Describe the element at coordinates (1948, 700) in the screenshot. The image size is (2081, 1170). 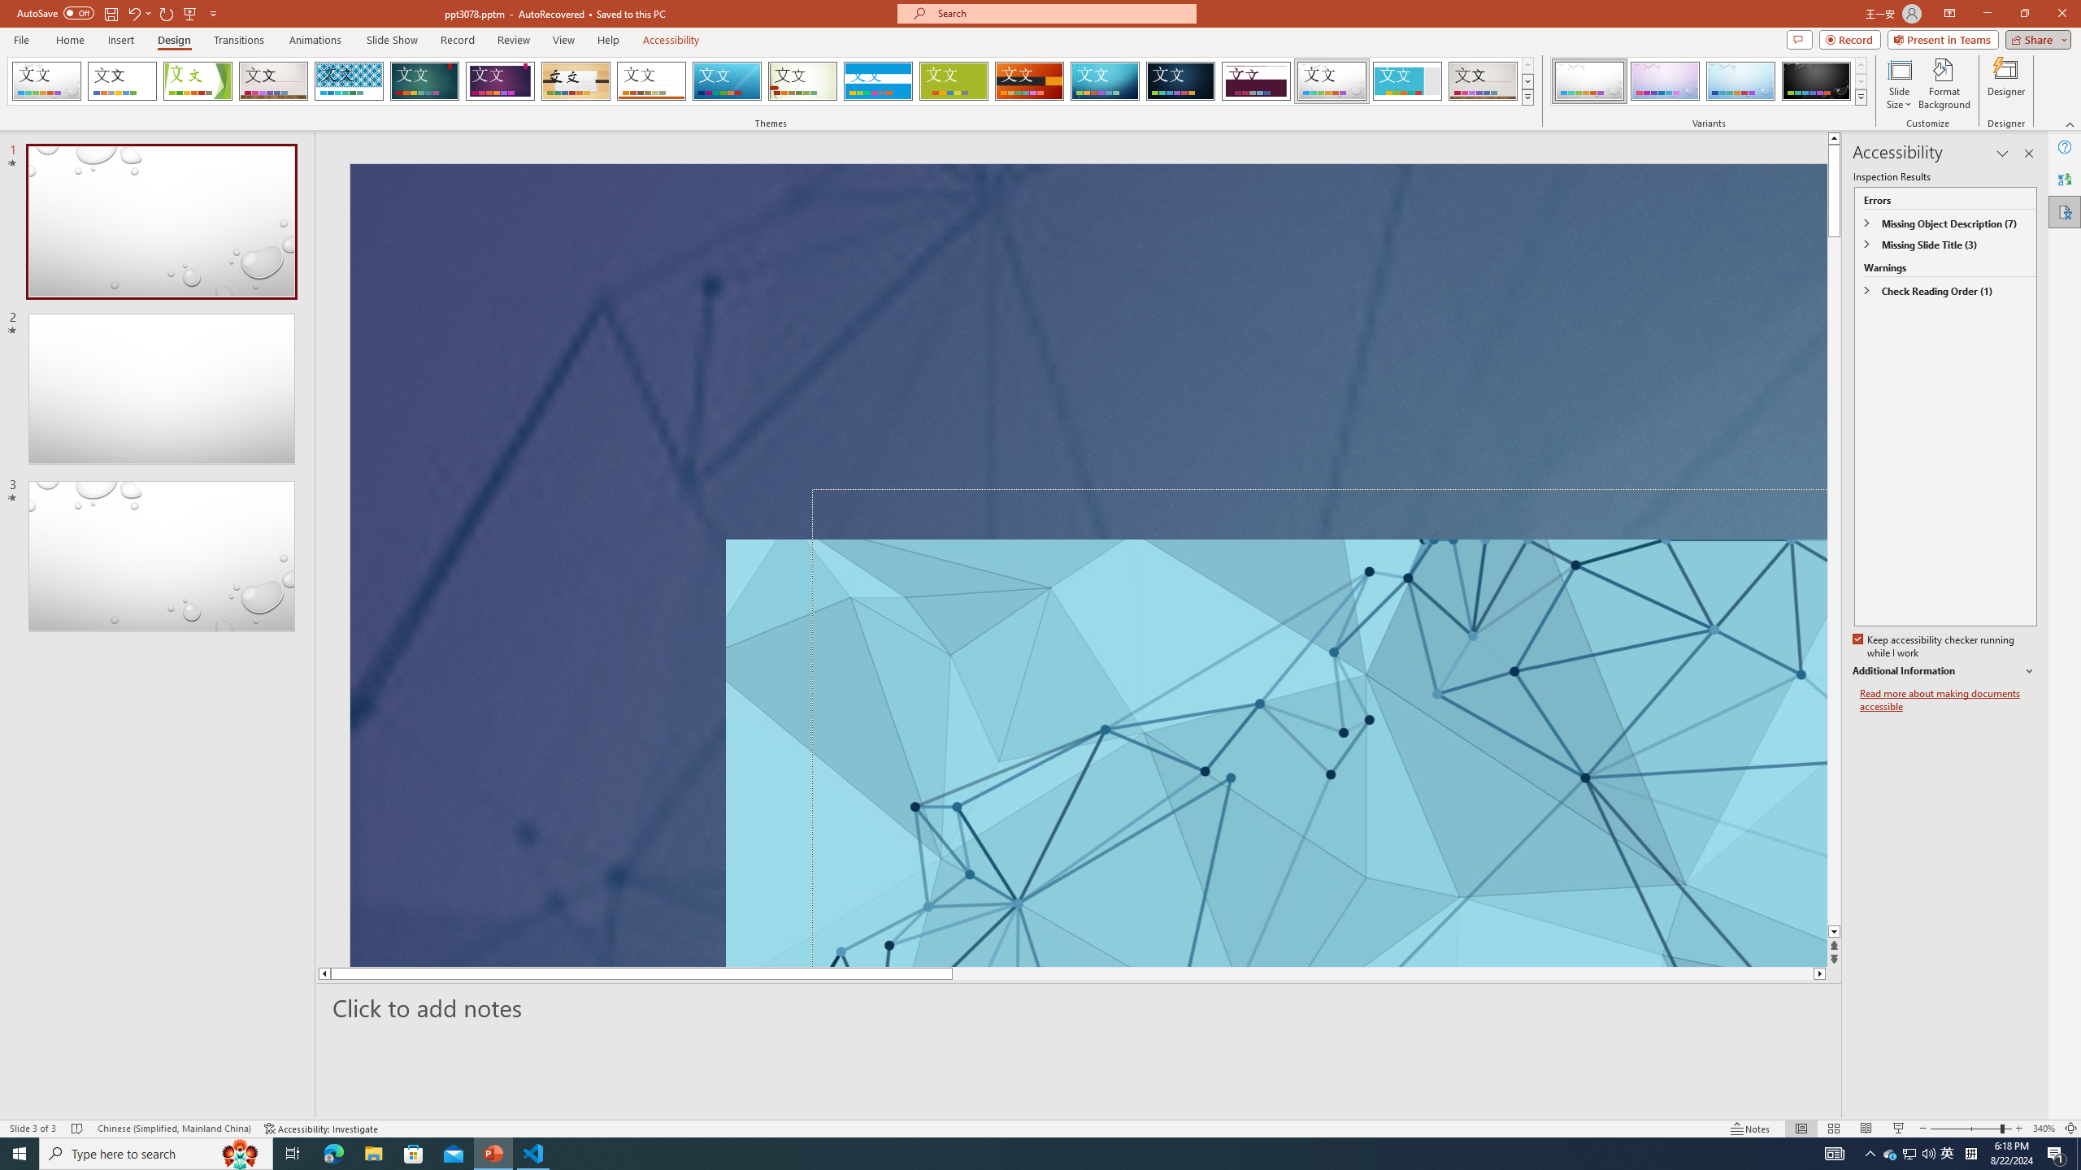
I see `'Read more about making documents accessible'` at that location.